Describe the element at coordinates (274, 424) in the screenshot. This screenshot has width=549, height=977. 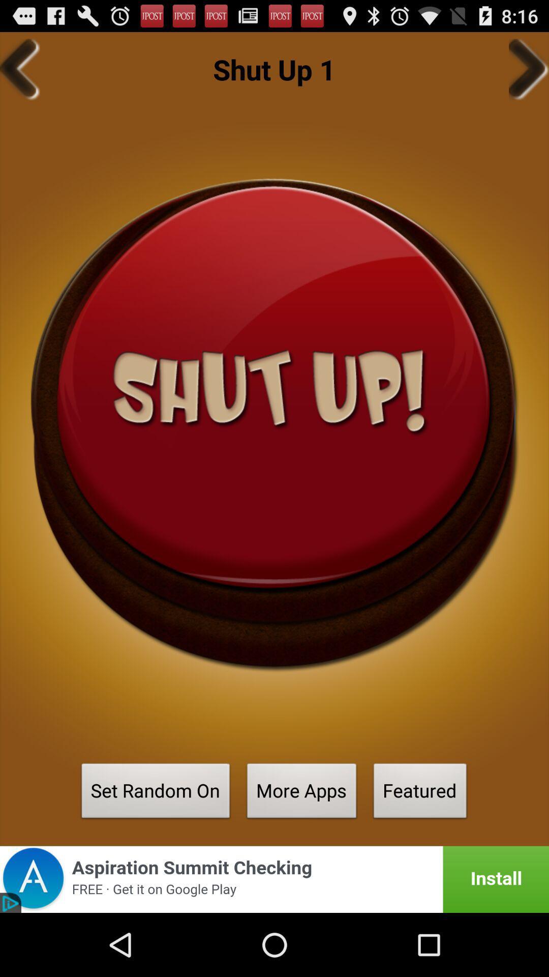
I see `current option` at that location.